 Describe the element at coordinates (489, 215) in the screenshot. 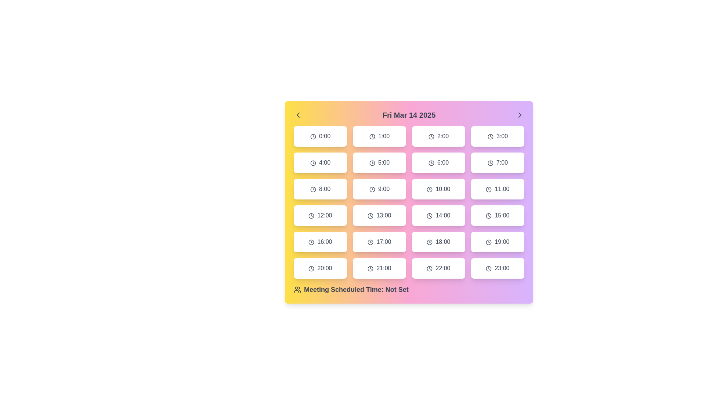

I see `the SVG Circle element with a black border and white inner area, which is centered within the clock icon located in the grid button labeled '15:00' in the fourth row and fourth column` at that location.